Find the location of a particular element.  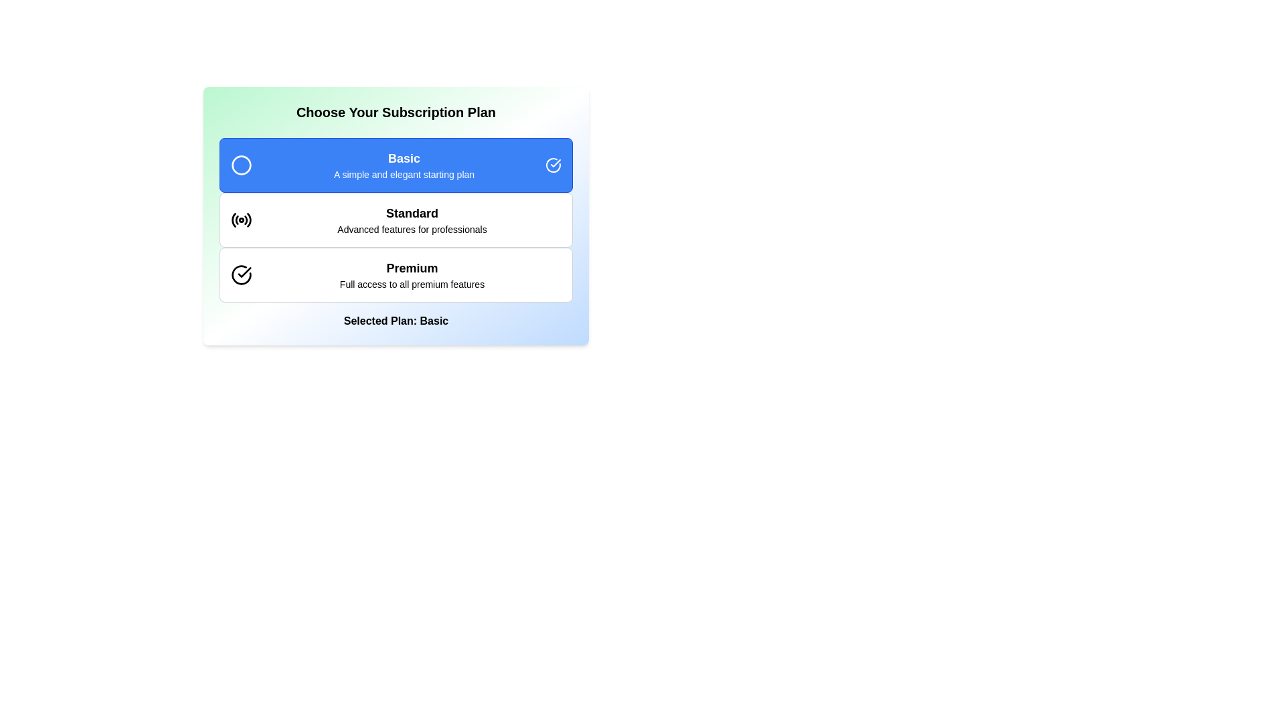

the 'Standard' subscription plan selectable option, which is the second option in a vertical list of subscription plans is located at coordinates (395, 219).